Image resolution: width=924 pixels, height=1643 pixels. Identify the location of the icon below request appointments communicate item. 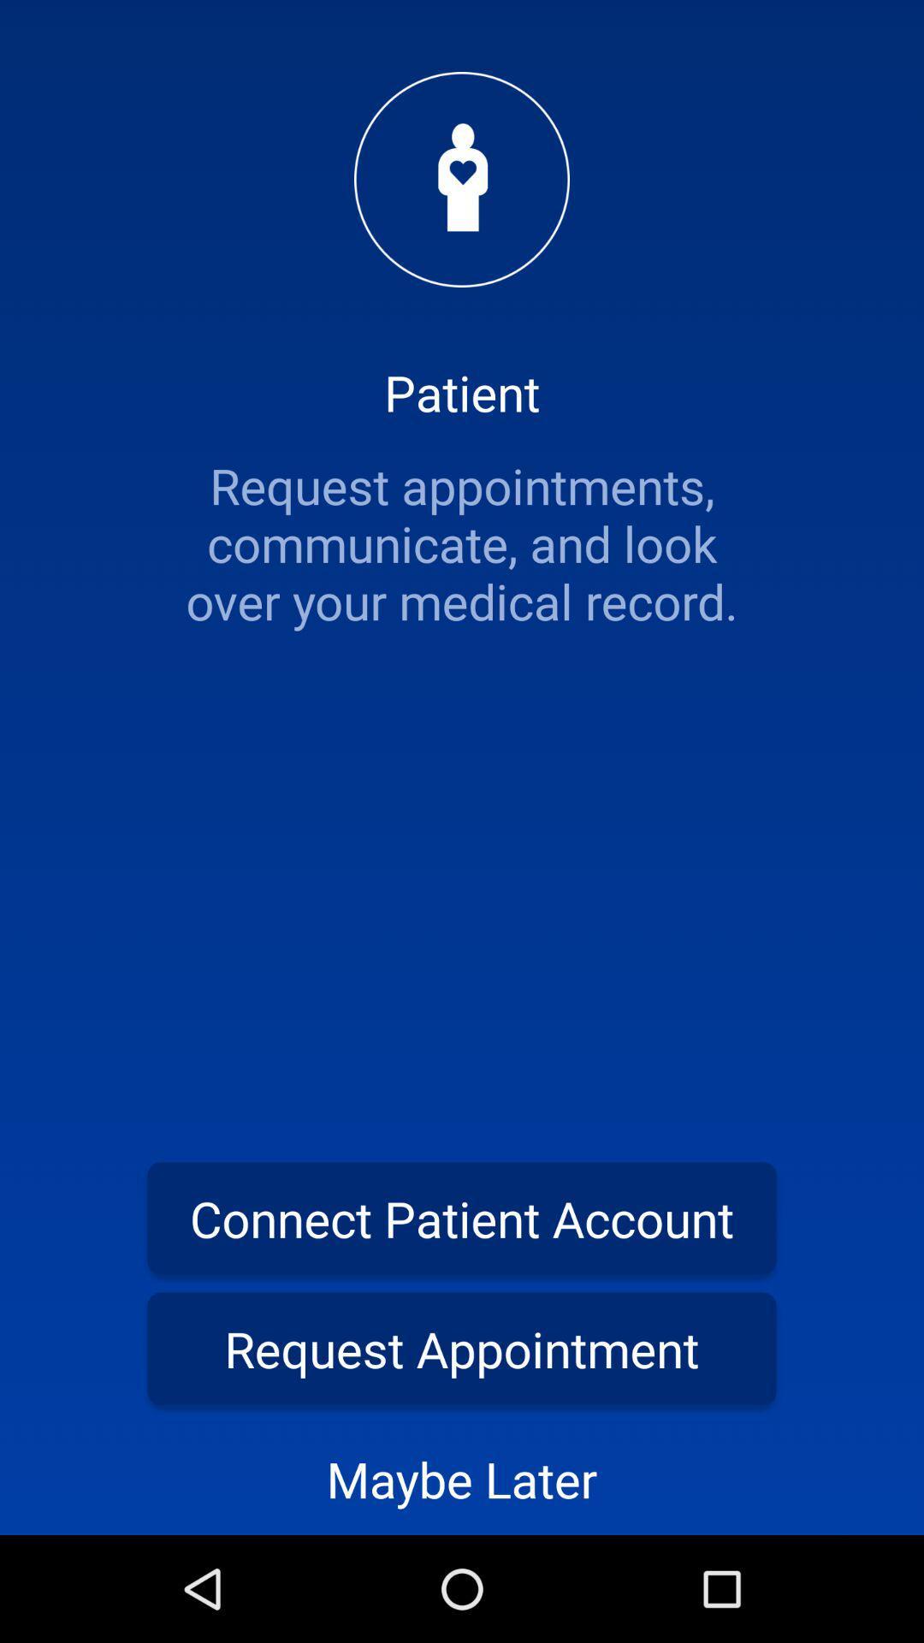
(462, 1217).